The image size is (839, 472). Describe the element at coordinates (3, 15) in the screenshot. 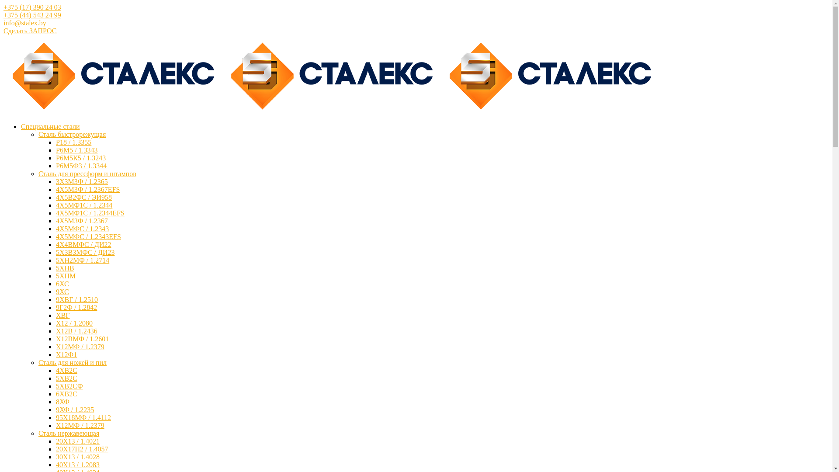

I see `'+375 (44) 543 24 99'` at that location.